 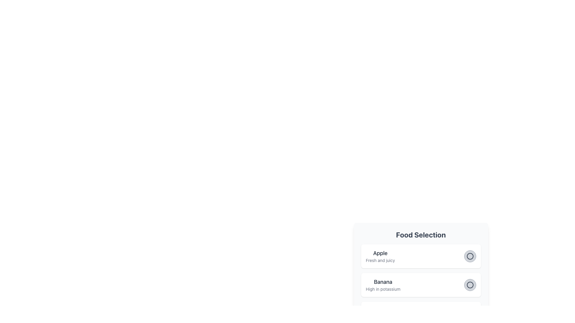 What do you see at coordinates (470, 284) in the screenshot?
I see `the decorative central point of the radio button indicating selection for 'Banana' in the food selection list` at bounding box center [470, 284].